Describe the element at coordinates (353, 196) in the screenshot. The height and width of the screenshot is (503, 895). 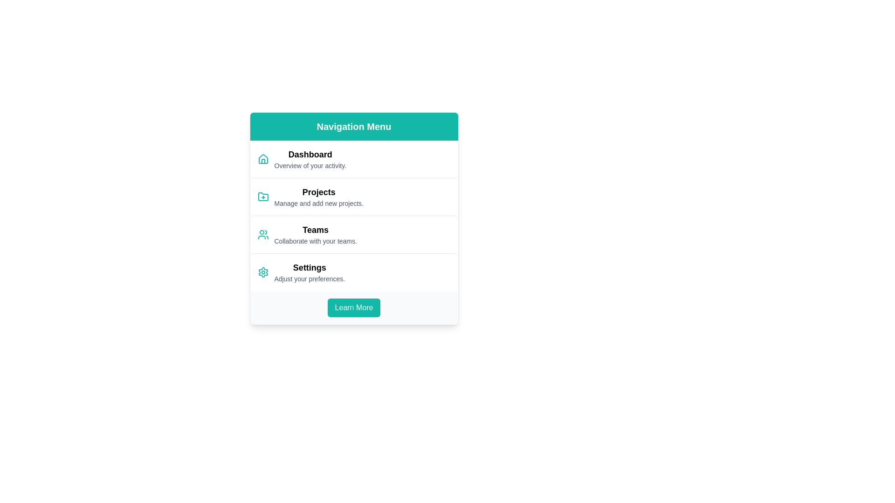
I see `to select the 'Projects' option, which is the second ListItem in the vertical options panel, located below 'Dashboard' and above 'Teams'` at that location.